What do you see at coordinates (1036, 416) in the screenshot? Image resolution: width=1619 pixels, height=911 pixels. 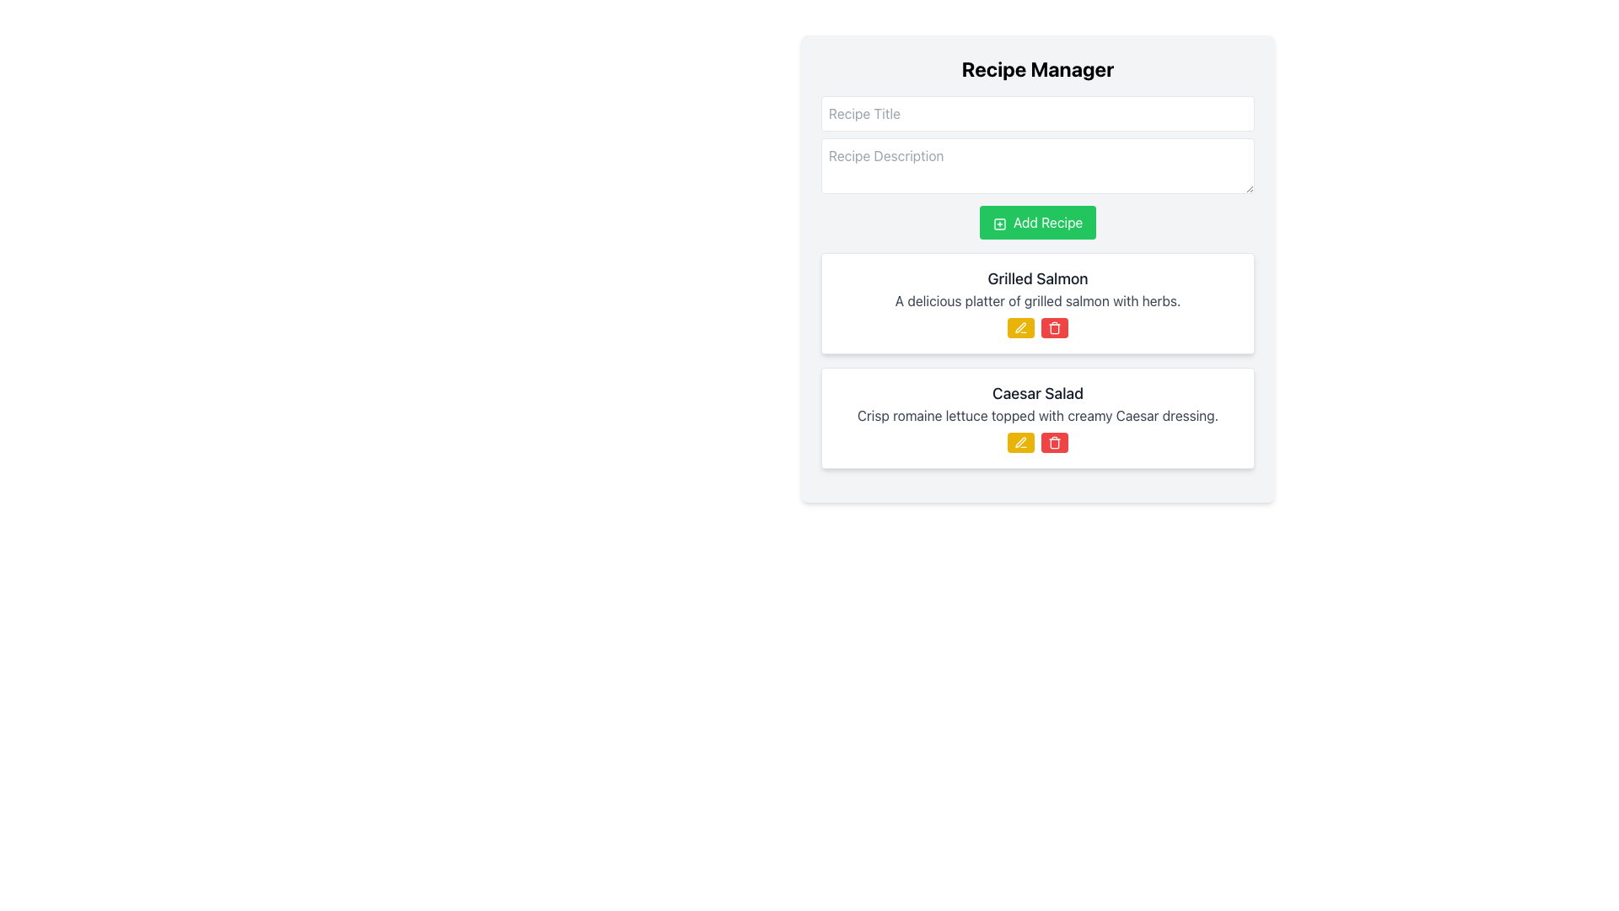 I see `the text label that describes 'Crisp romaine lettuce topped with creamy Caesar dressing.' positioned below the title 'Caesar Salad'` at bounding box center [1036, 416].